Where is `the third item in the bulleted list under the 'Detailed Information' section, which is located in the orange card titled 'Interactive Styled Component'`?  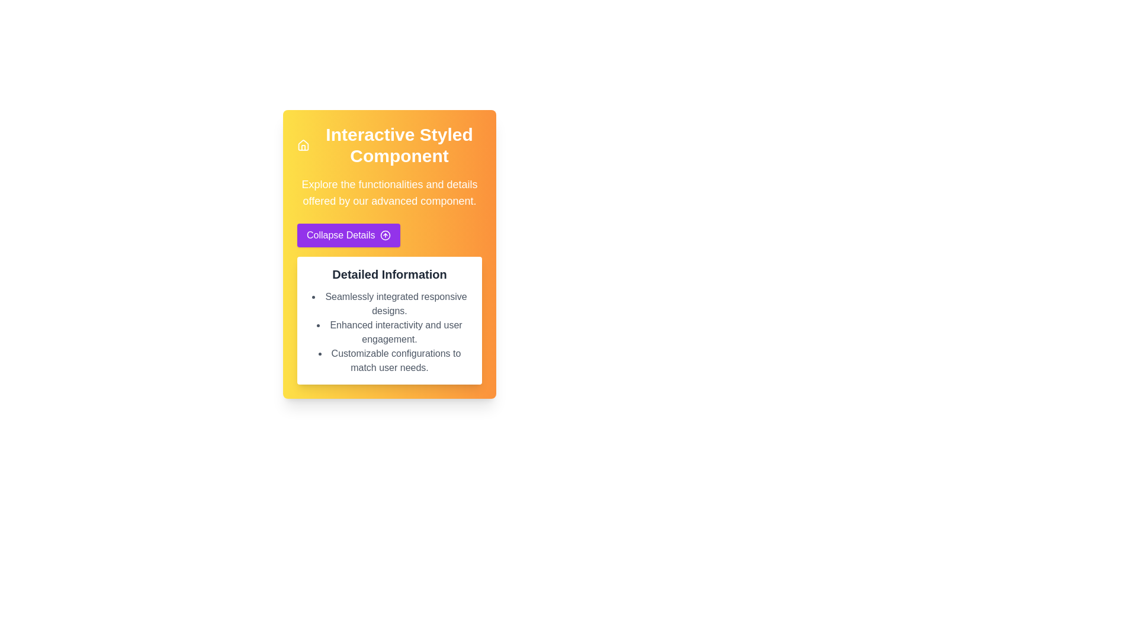 the third item in the bulleted list under the 'Detailed Information' section, which is located in the orange card titled 'Interactive Styled Component' is located at coordinates (389, 360).